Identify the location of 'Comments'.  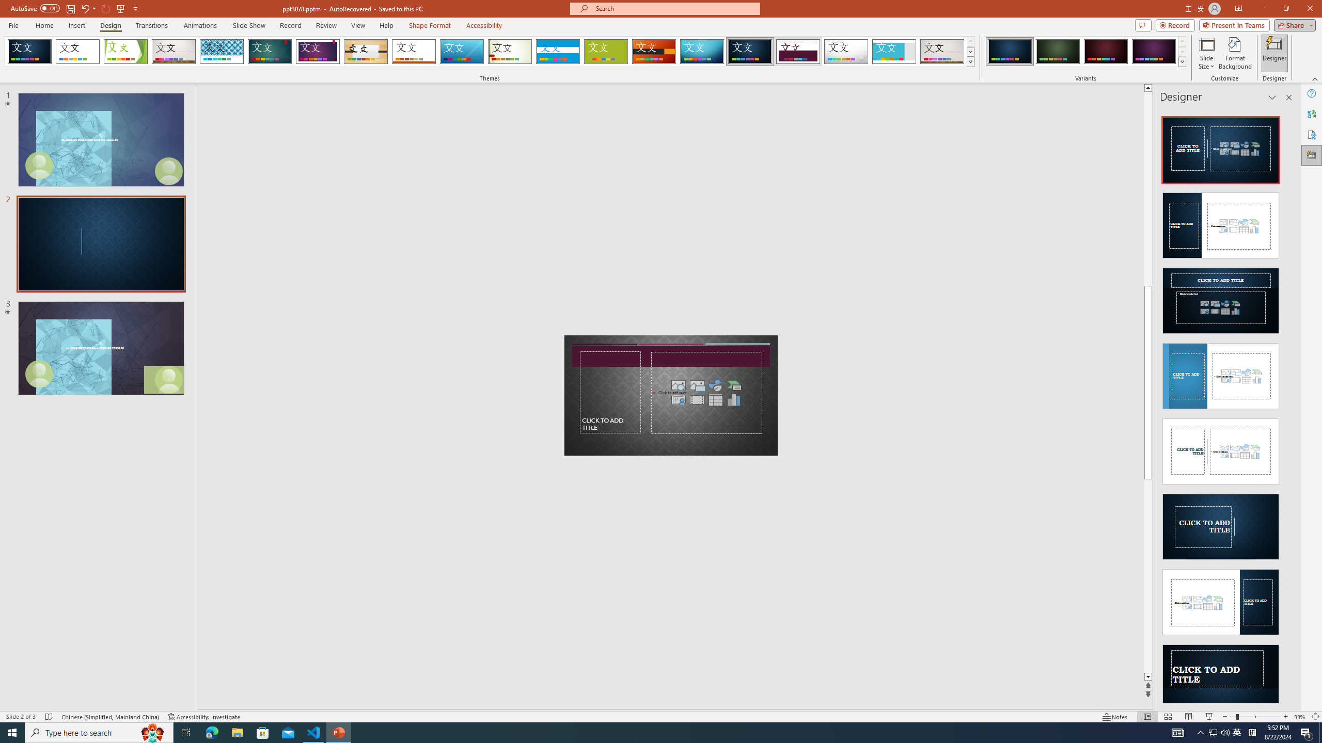
(1143, 24).